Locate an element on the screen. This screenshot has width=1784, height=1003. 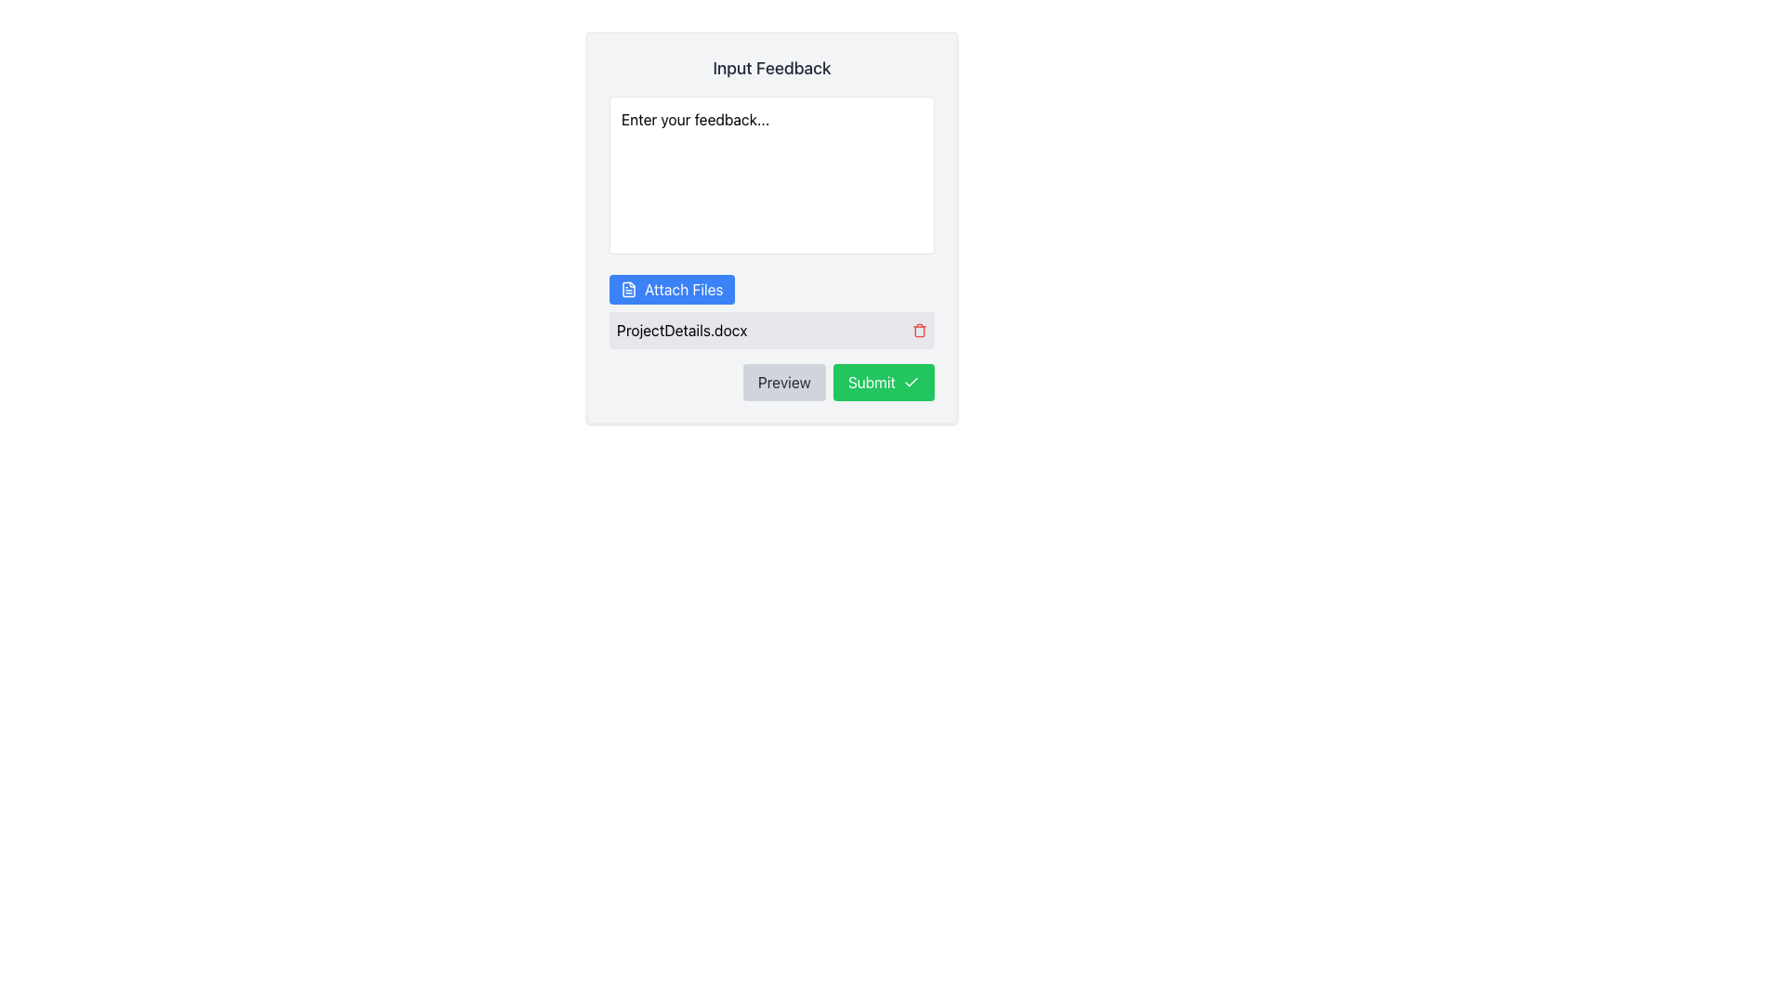
the rectangular file icon with rounded edges, which is part of the file attachment indicator near the top-left corner of the interface is located at coordinates (628, 290).